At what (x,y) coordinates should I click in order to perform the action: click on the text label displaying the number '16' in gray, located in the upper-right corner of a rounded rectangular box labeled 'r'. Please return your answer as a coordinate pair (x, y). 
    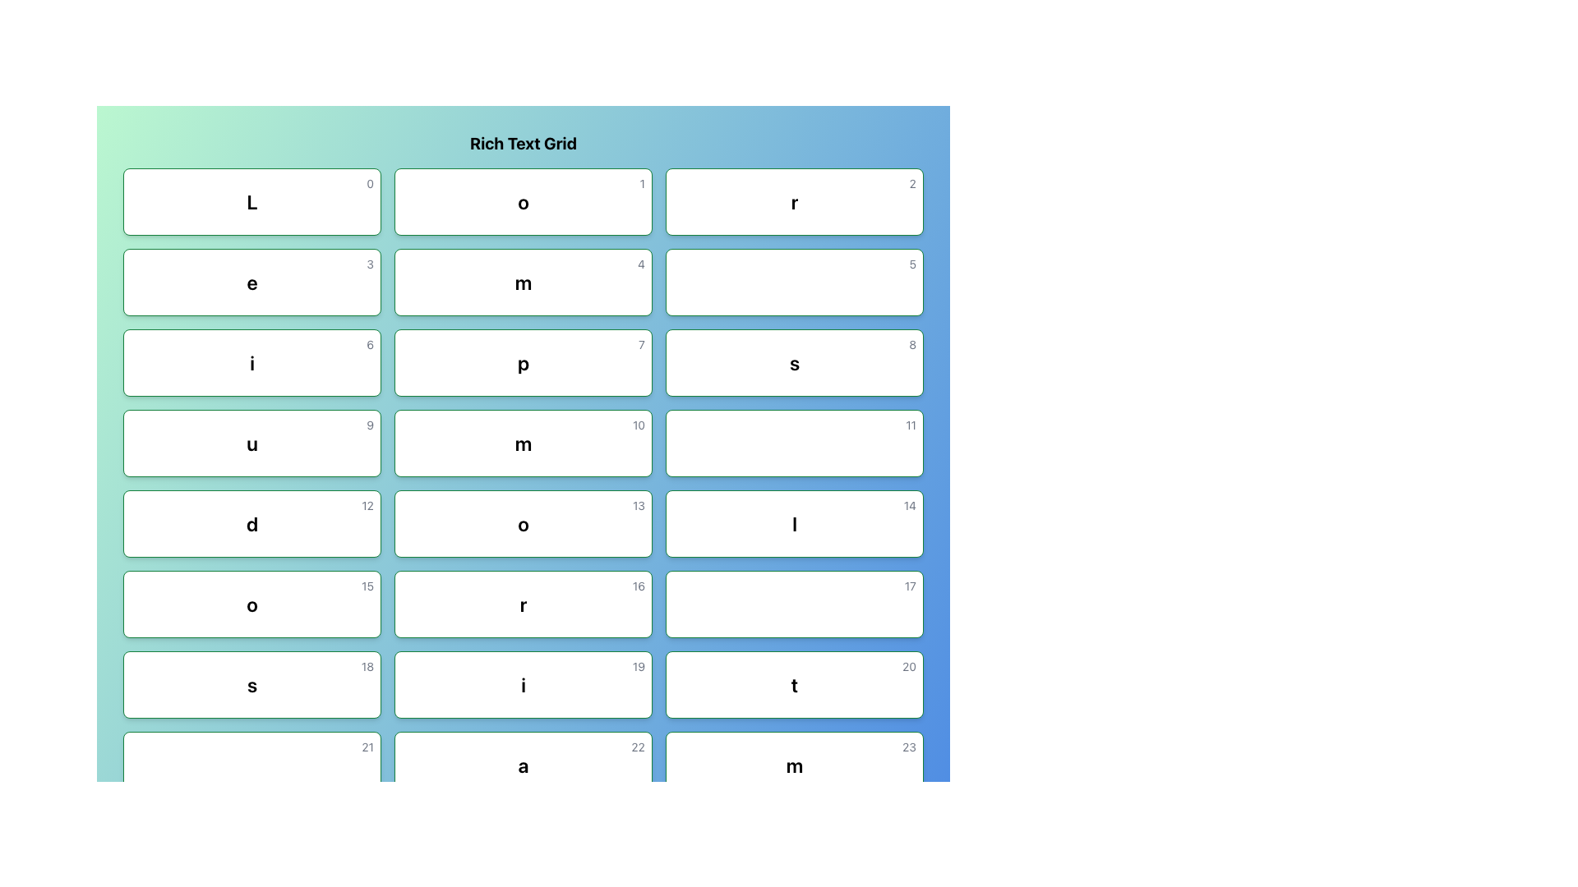
    Looking at the image, I should click on (638, 585).